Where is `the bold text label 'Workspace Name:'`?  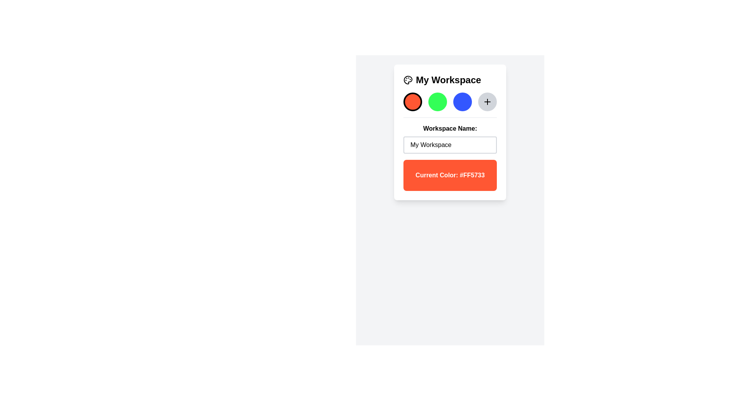 the bold text label 'Workspace Name:' is located at coordinates (450, 135).